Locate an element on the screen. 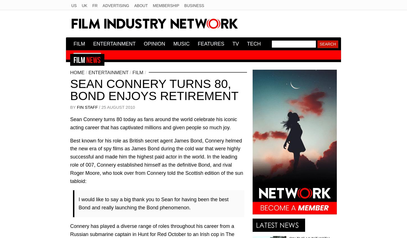 The height and width of the screenshot is (238, 407). 'I would like to say a big thank you to Sean for having been the best Bond and really launching the Bond phenomenon.' is located at coordinates (153, 203).